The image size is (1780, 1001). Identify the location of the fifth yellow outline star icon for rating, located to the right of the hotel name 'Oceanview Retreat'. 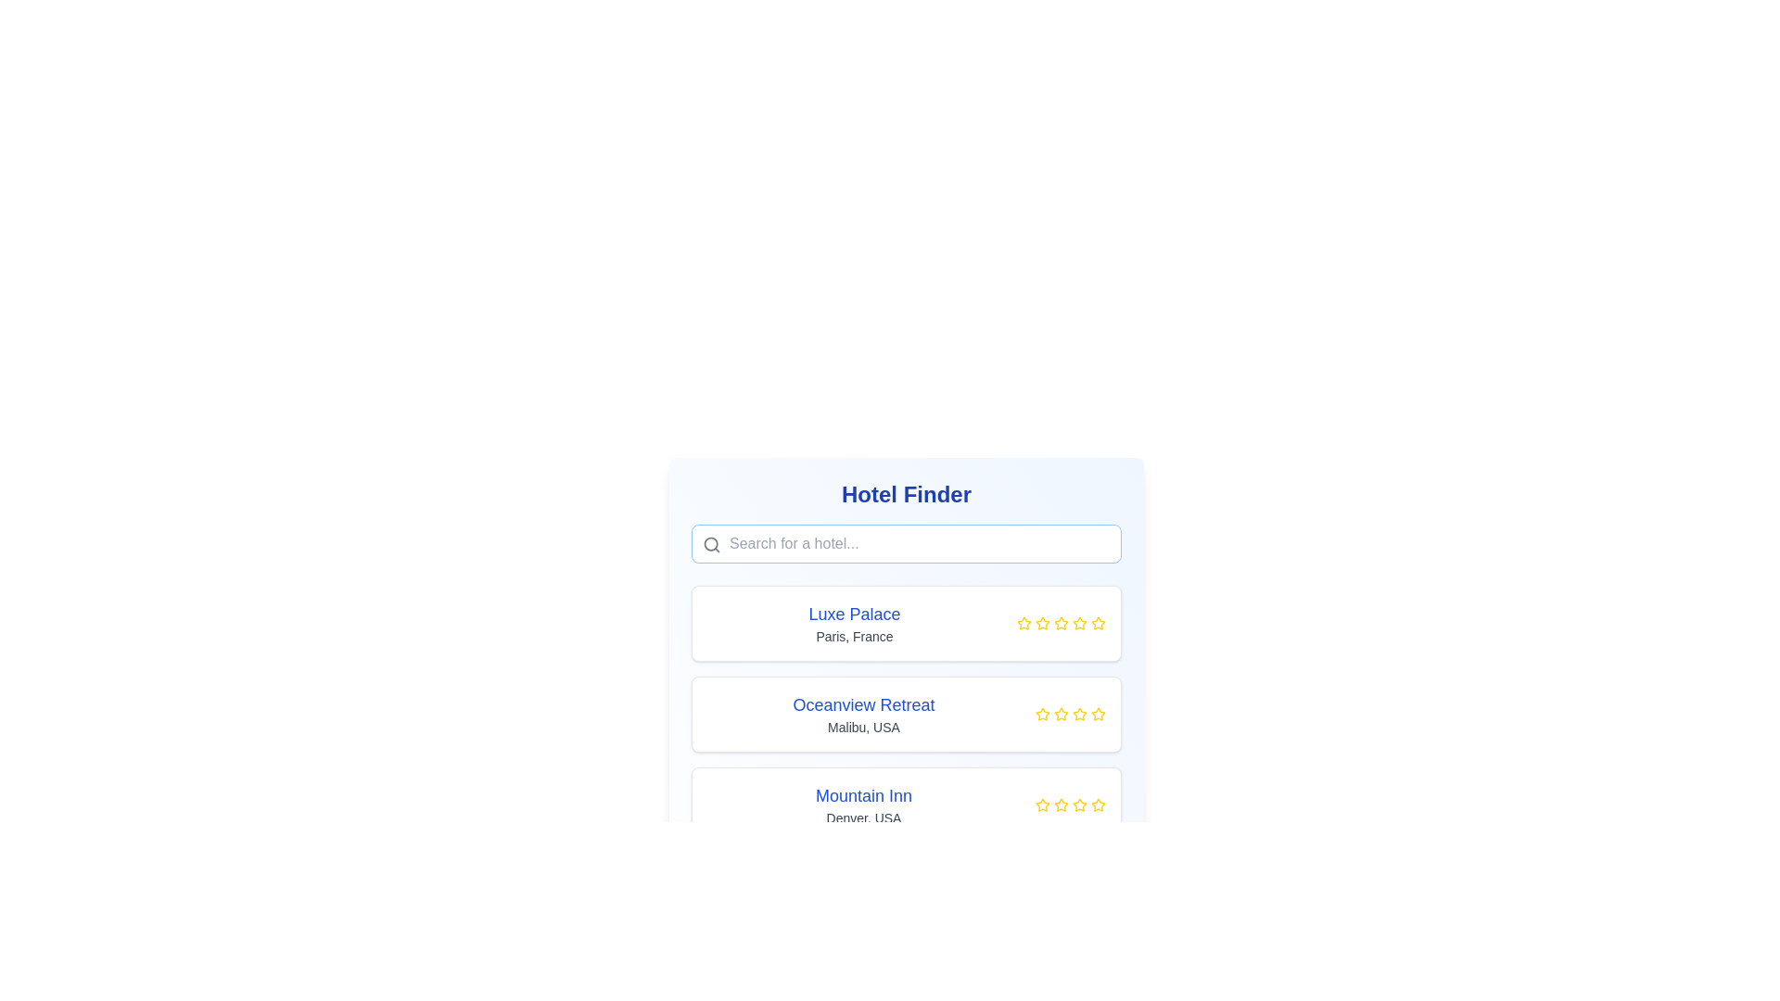
(1099, 714).